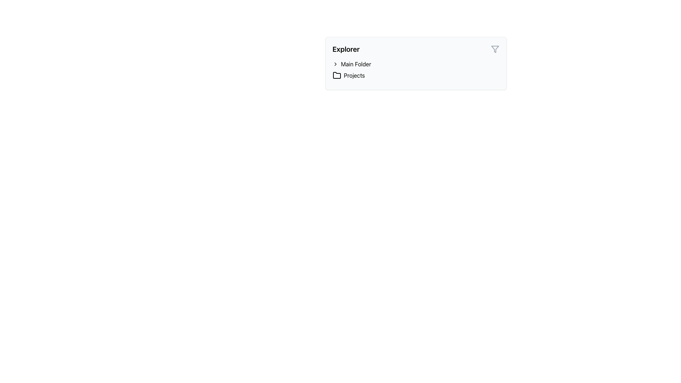  What do you see at coordinates (356, 64) in the screenshot?
I see `the text label that serves as a title for the 'Main Folder', which is located to the right of a chevron icon and above an item labeled 'Projects'` at bounding box center [356, 64].